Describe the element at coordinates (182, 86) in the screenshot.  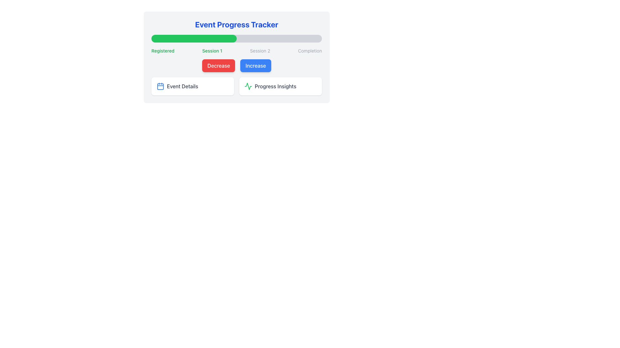
I see `the Text Label that serves as a header for its section, located beneath the main progress tracker header, alongside a blue calendar icon` at that location.